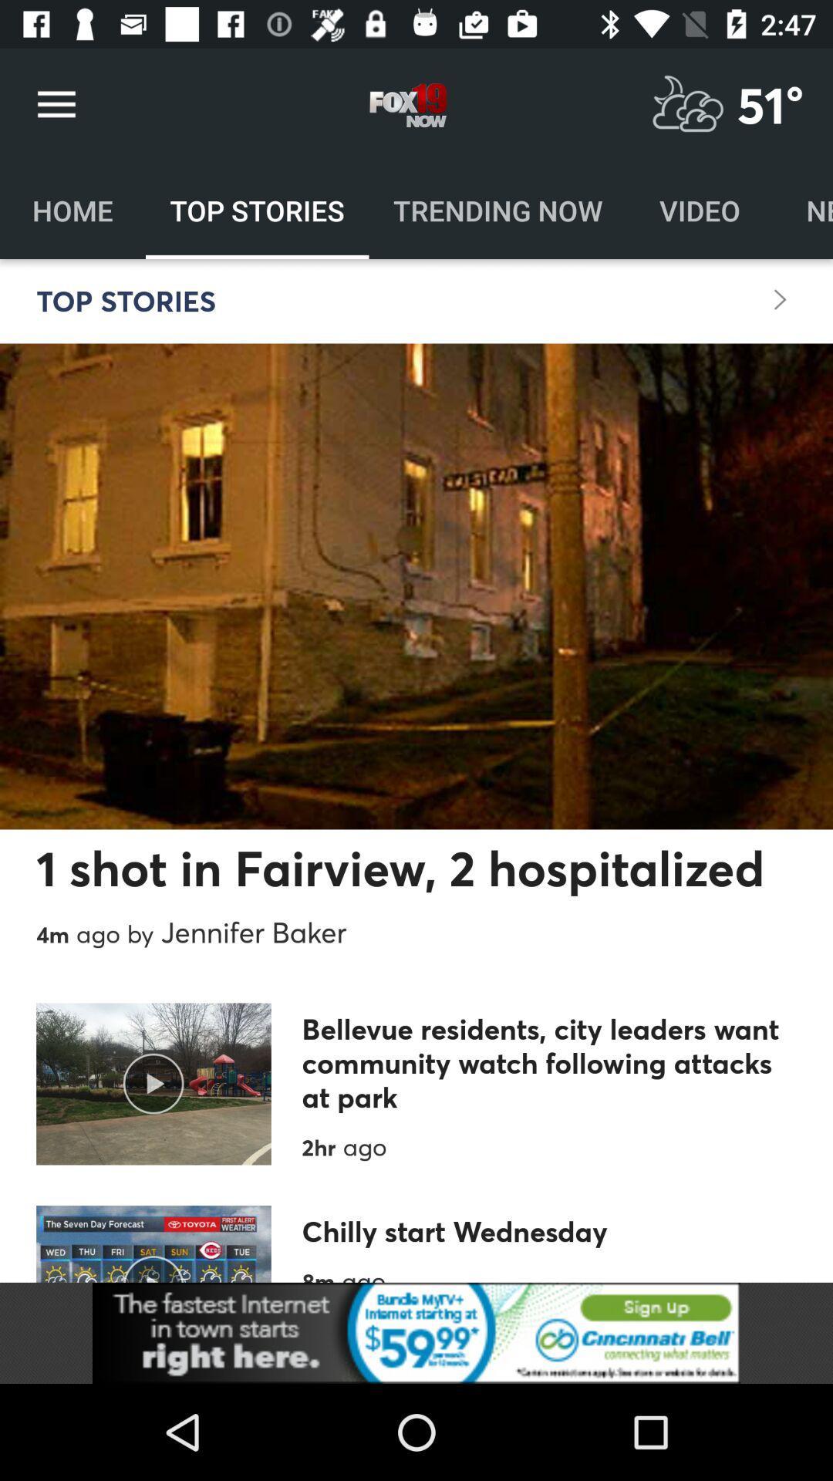 The height and width of the screenshot is (1481, 833). Describe the element at coordinates (687, 104) in the screenshot. I see `weather option` at that location.